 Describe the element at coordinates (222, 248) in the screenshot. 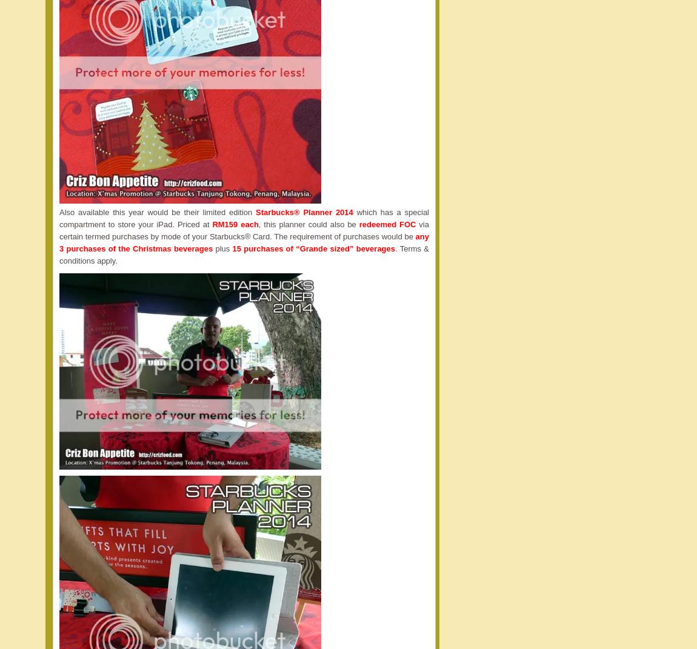

I see `'plus'` at that location.